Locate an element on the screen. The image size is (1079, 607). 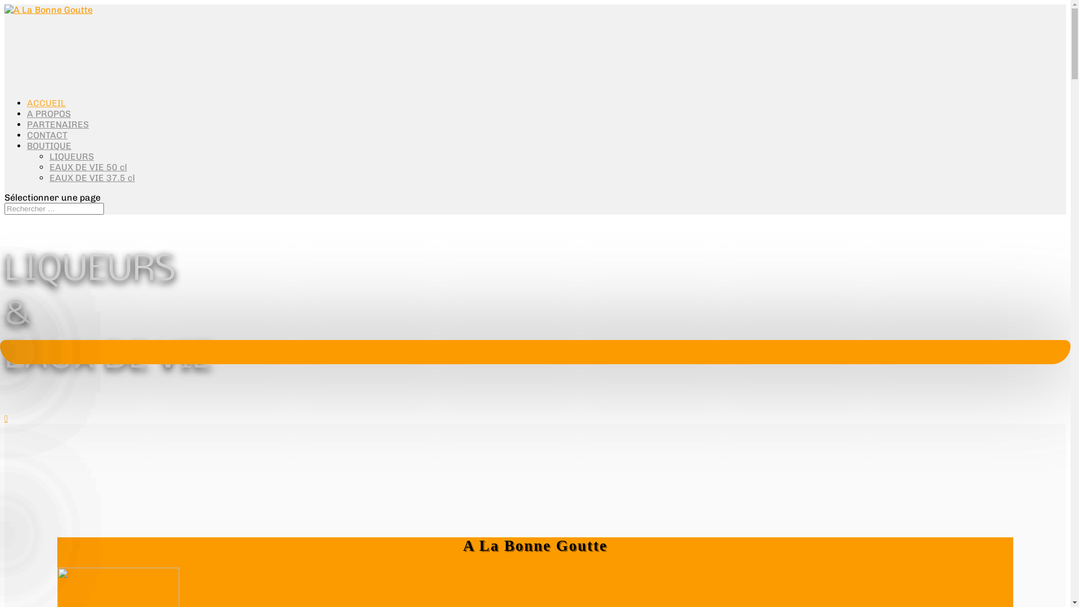
'ACCUEIL' is located at coordinates (27, 103).